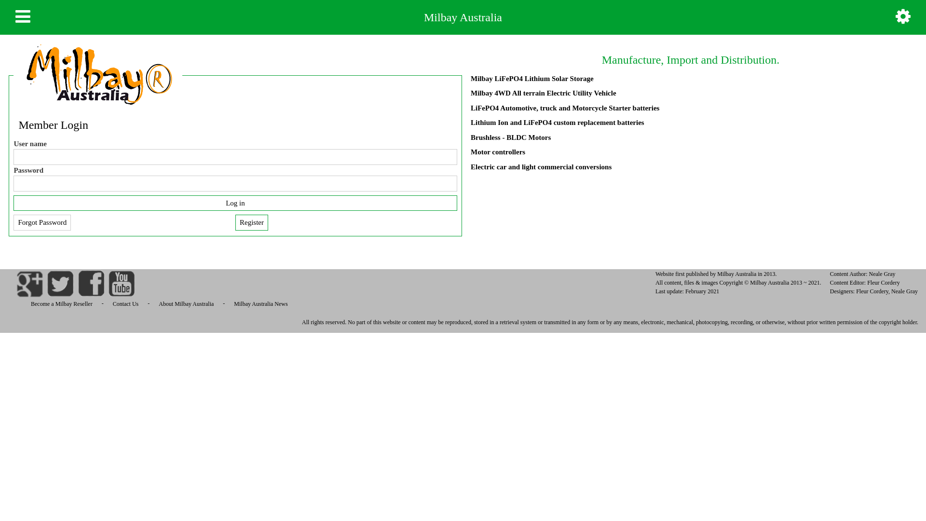  Describe the element at coordinates (150, 303) in the screenshot. I see `'About Milbay Australia'` at that location.